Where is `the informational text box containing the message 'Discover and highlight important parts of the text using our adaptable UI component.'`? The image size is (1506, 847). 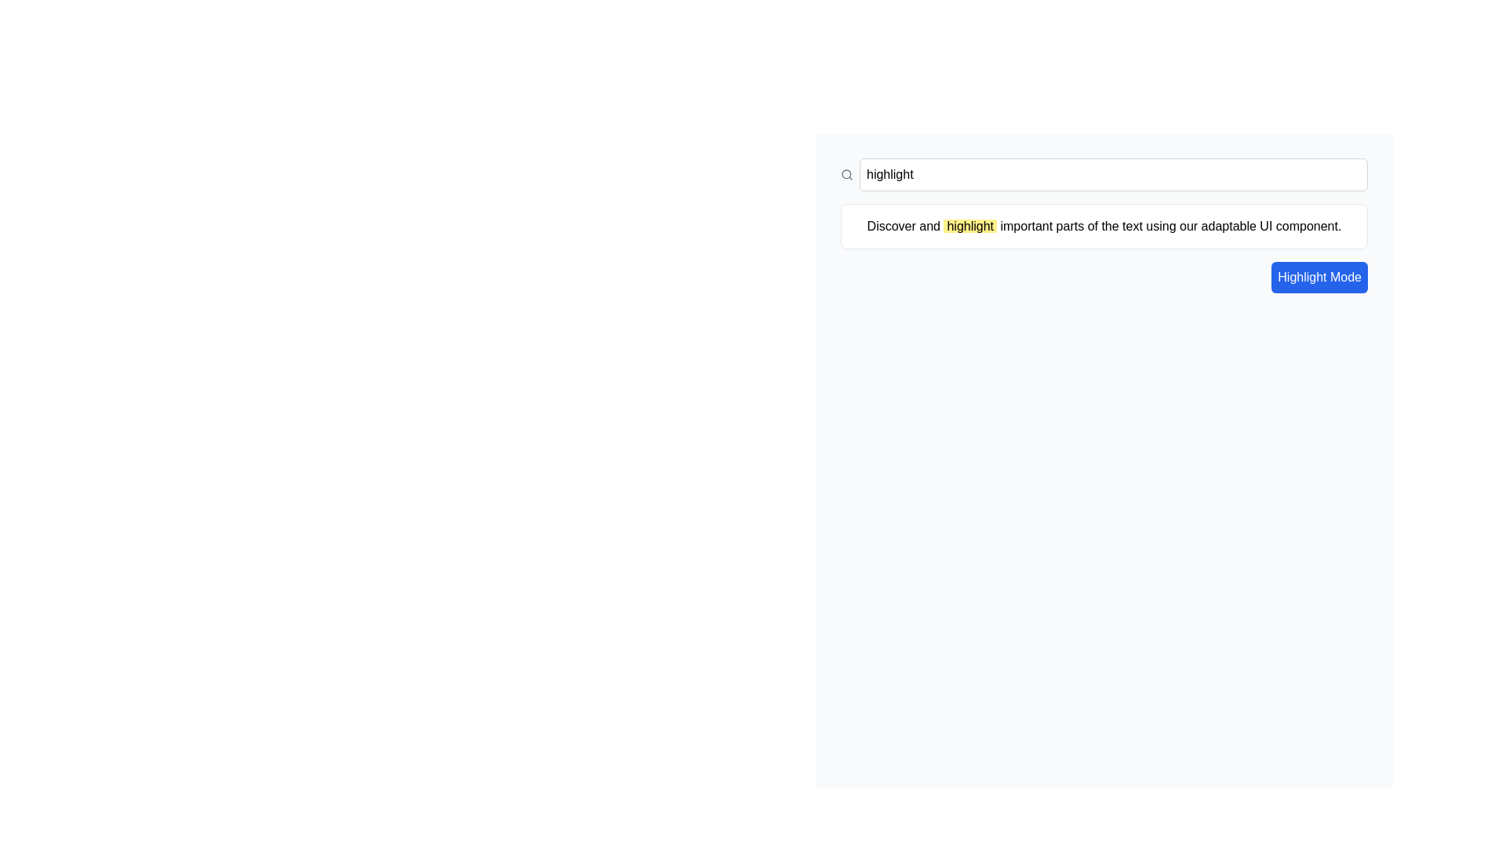
the informational text box containing the message 'Discover and highlight important parts of the text using our adaptable UI component.' is located at coordinates (1103, 227).